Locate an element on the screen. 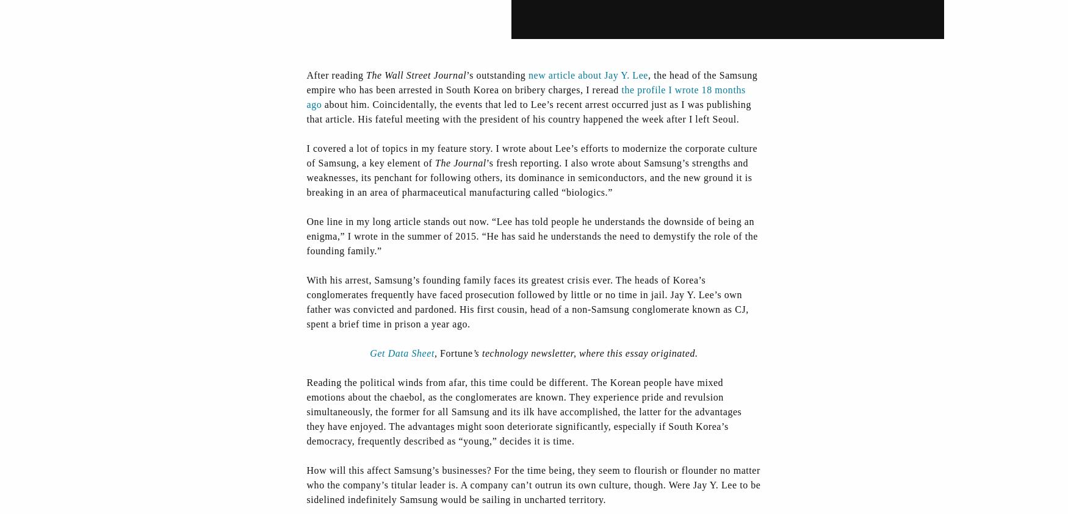  'With his arrest, Samsung’s founding family faces its greatest crisis ever. The heads of Korea’s conglomerates frequently have faced prosecution followed by little or no time in jail. Jay Y. Lee’s own father was convicted and pardoned. His first cousin, head of a non-Samsung conglomerate known as CJ, spent a brief time in prison a year ago.' is located at coordinates (527, 302).